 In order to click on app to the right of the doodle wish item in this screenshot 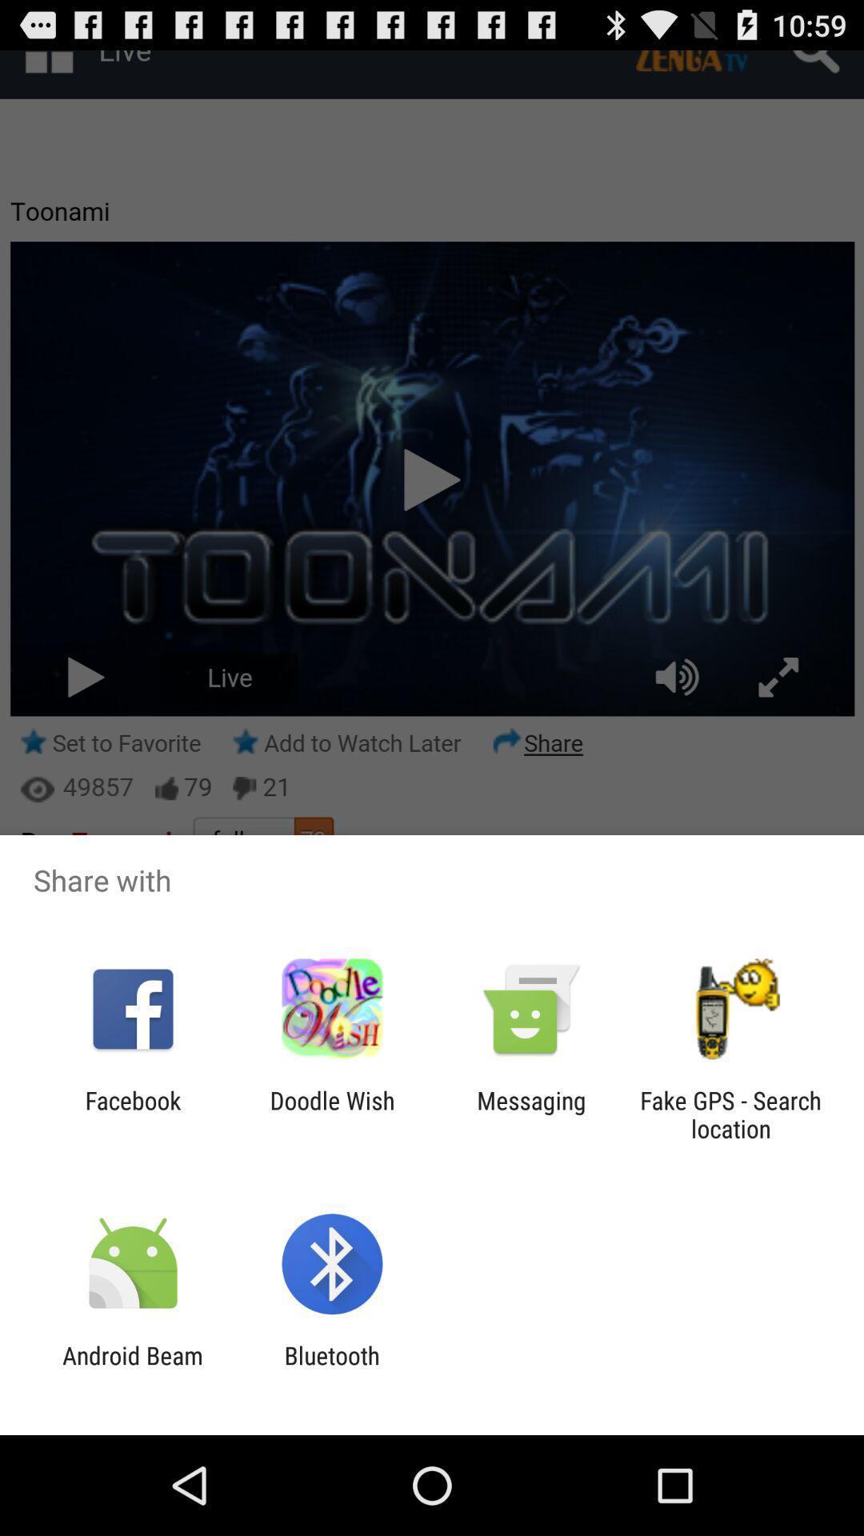, I will do `click(531, 1114)`.